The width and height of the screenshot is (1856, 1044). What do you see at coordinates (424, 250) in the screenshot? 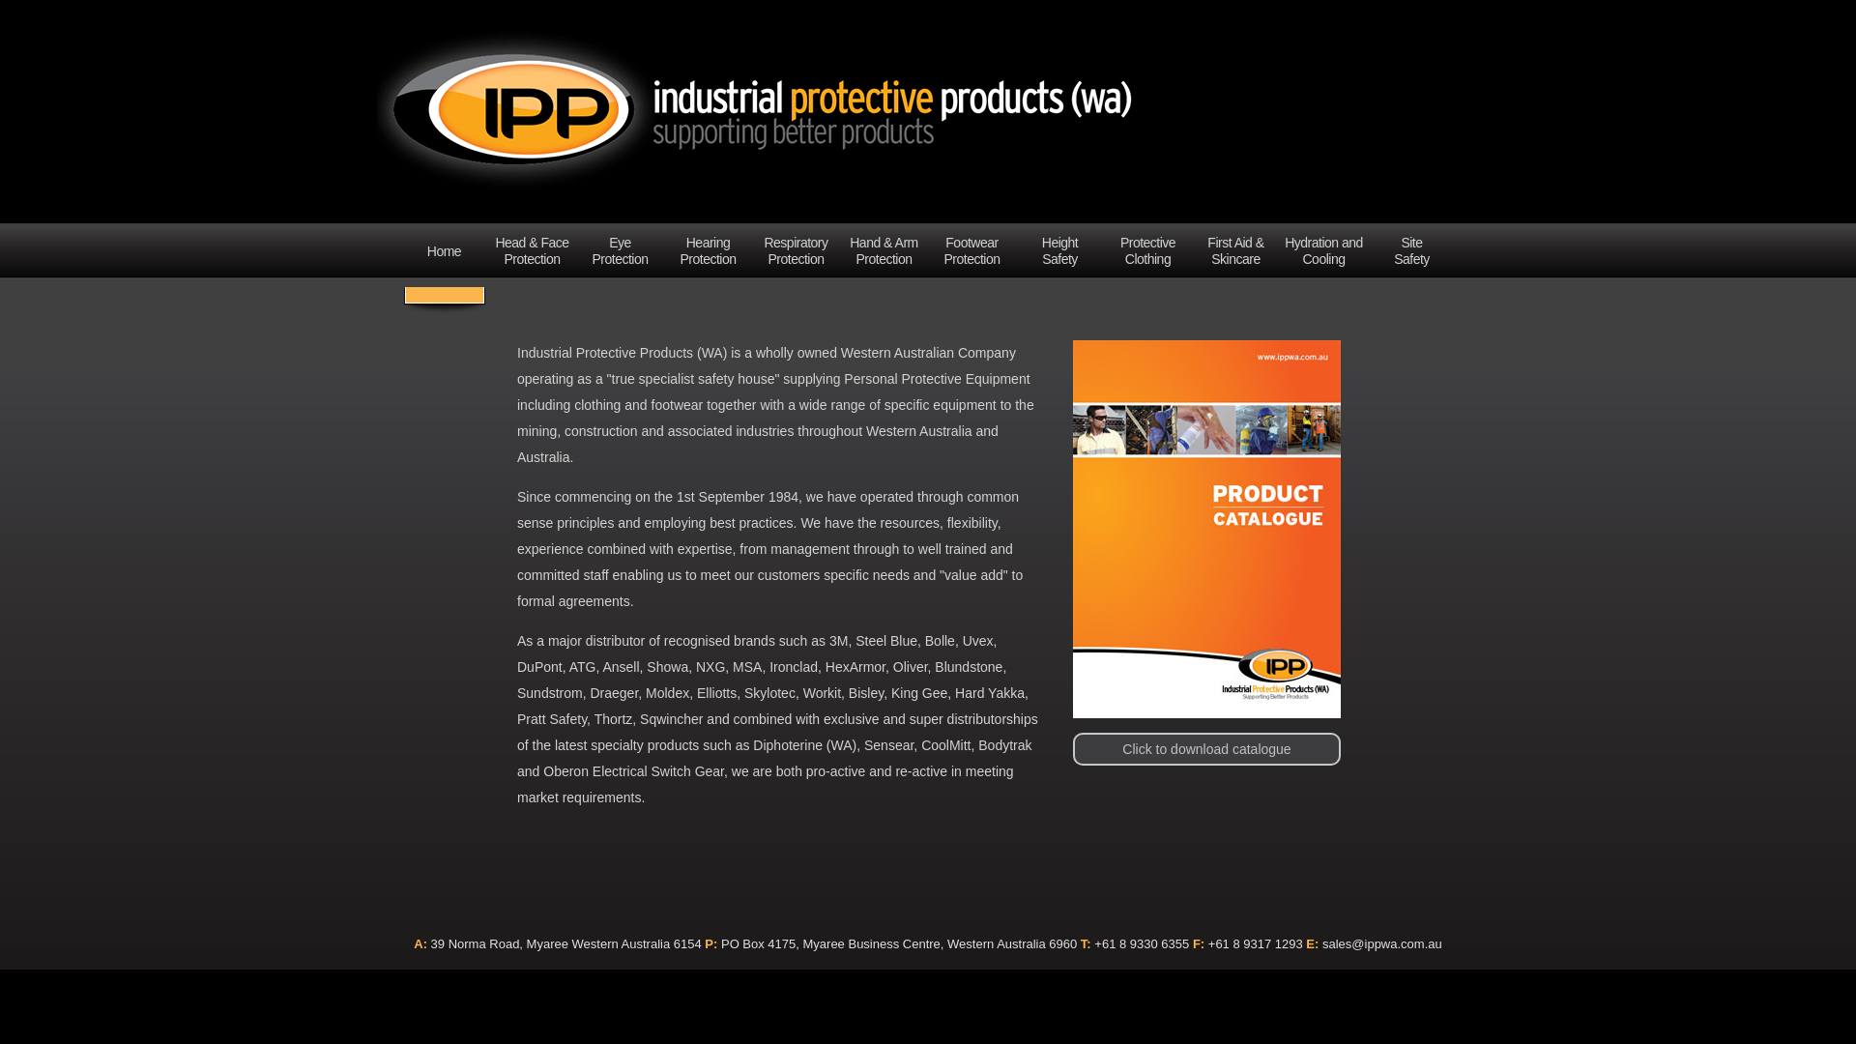
I see `'Home'` at bounding box center [424, 250].